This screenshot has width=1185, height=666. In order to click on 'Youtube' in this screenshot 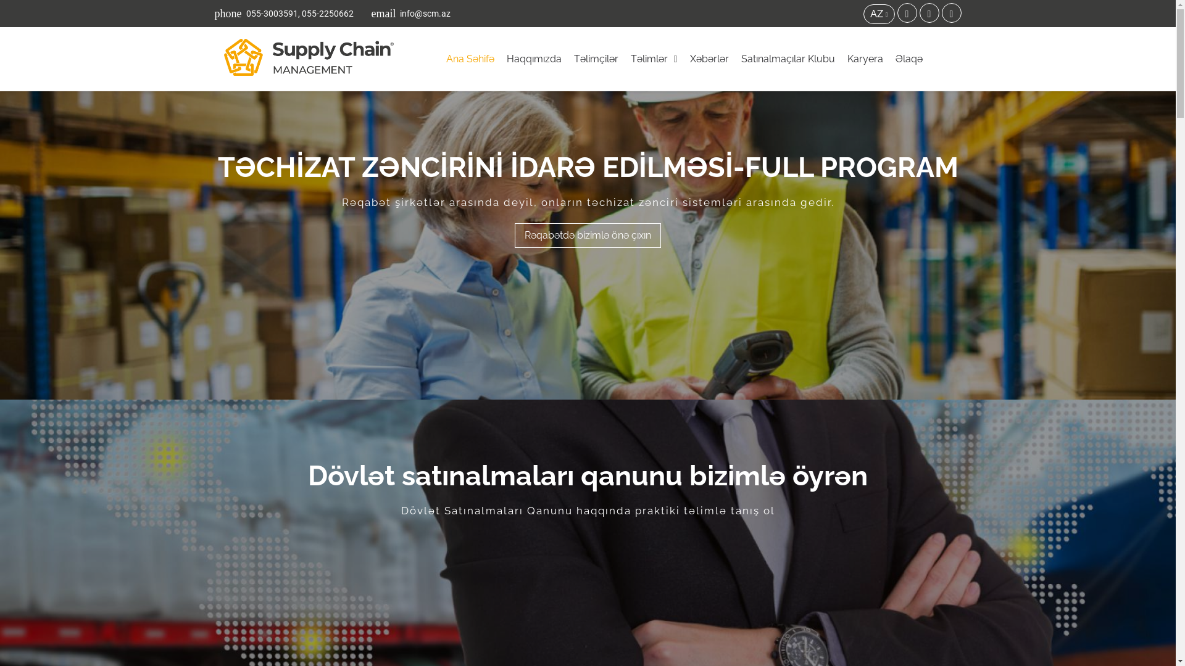, I will do `click(950, 12)`.